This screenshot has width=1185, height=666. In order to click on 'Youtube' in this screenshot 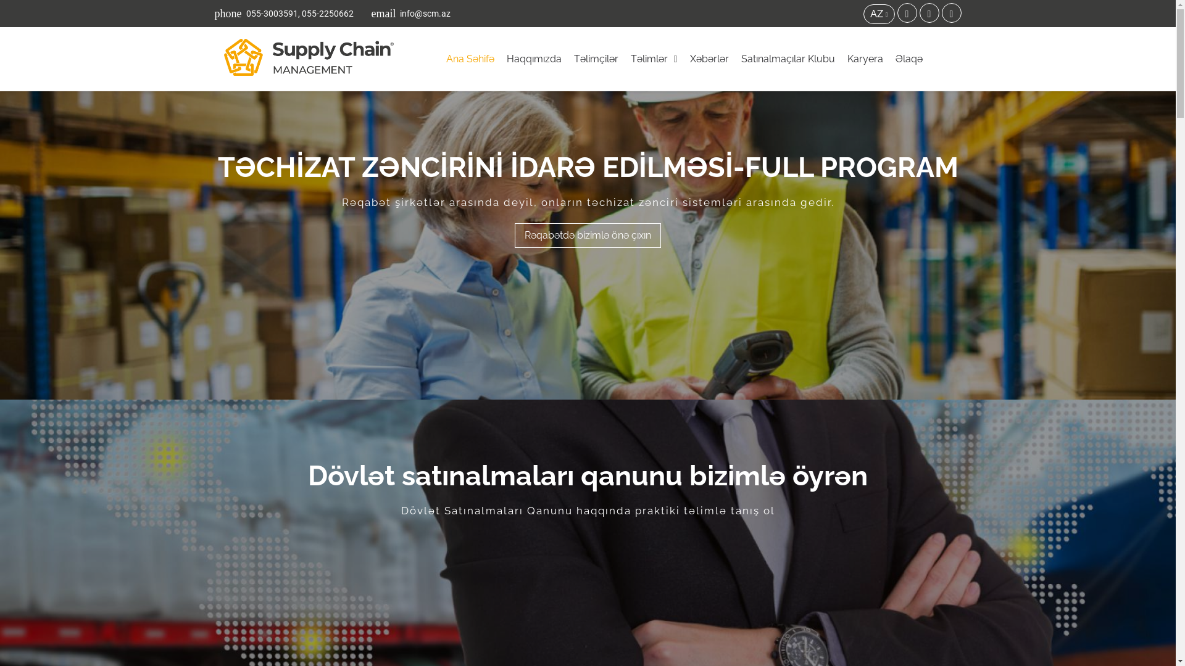, I will do `click(950, 12)`.